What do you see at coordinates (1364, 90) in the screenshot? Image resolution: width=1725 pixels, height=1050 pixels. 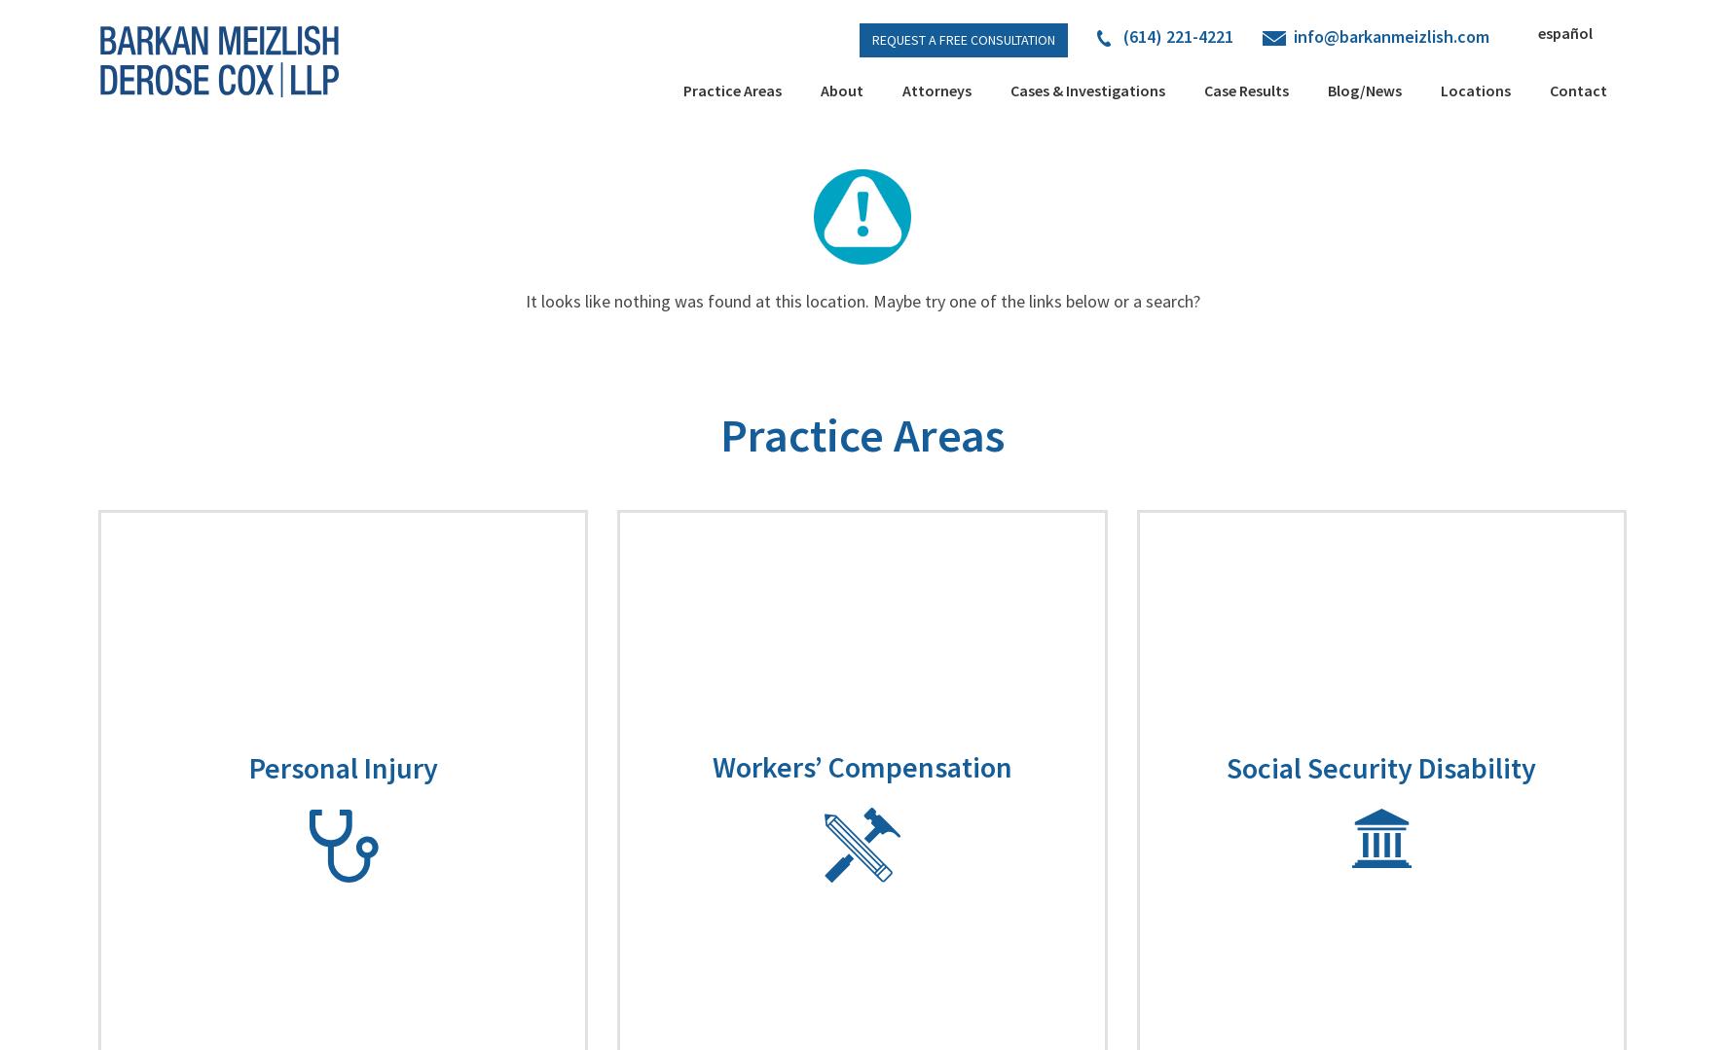 I see `'Blog/News'` at bounding box center [1364, 90].